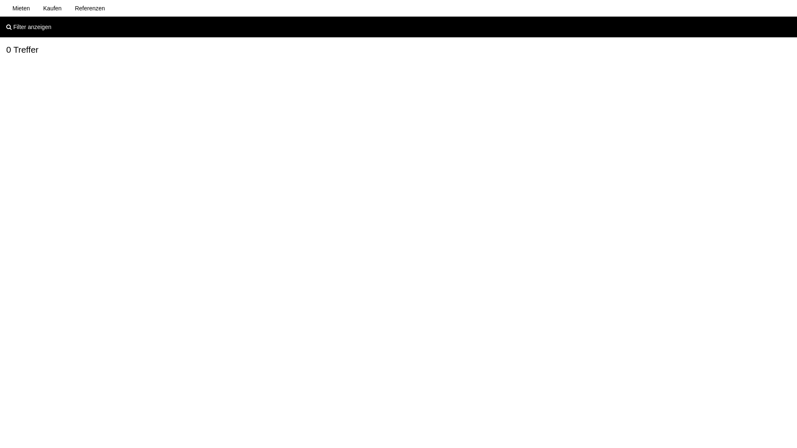 The width and height of the screenshot is (797, 448). What do you see at coordinates (21, 8) in the screenshot?
I see `'Mieten'` at bounding box center [21, 8].